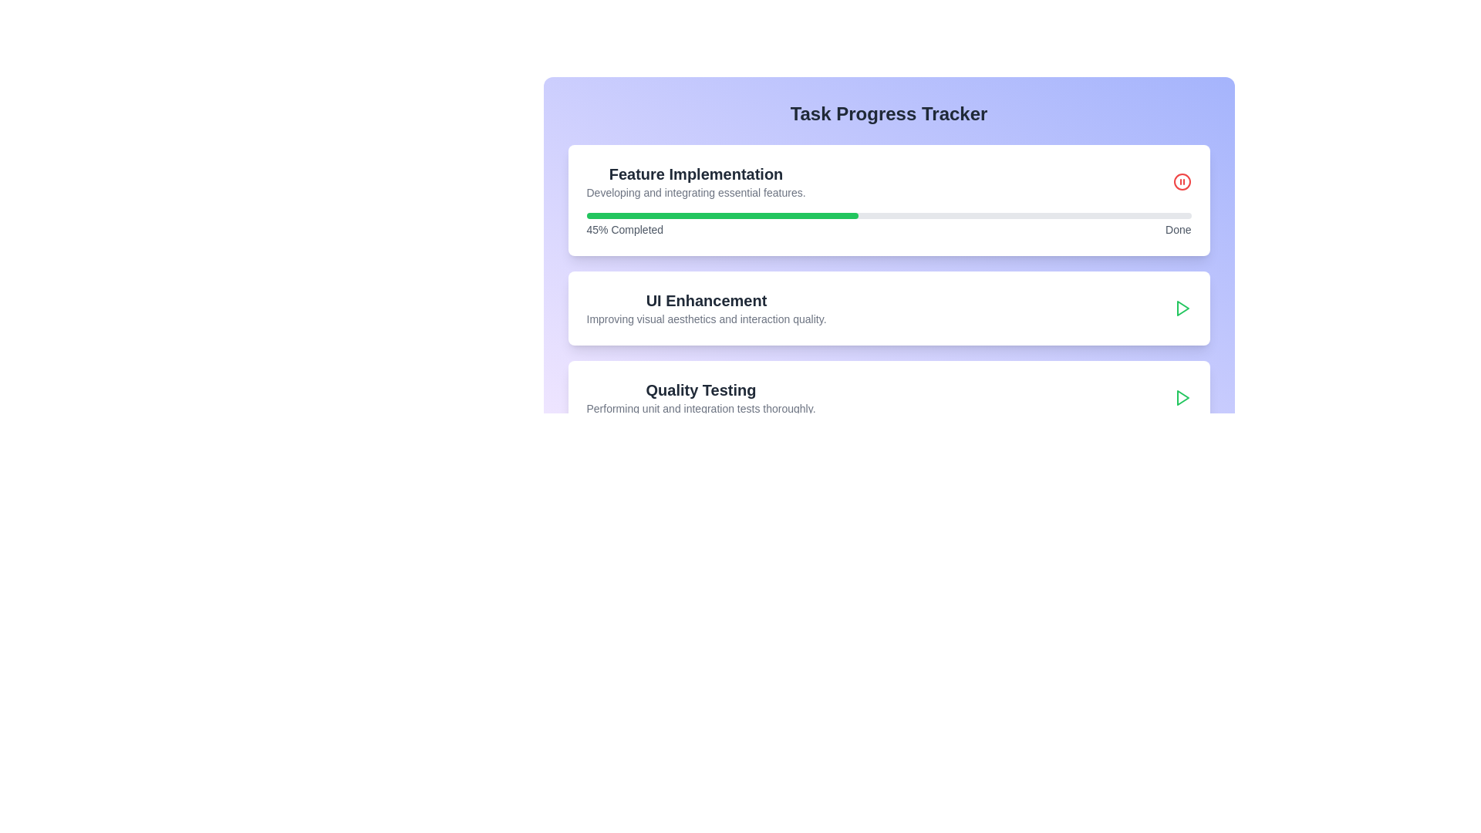  Describe the element at coordinates (700, 397) in the screenshot. I see `the 'Quality Testing' text block` at that location.